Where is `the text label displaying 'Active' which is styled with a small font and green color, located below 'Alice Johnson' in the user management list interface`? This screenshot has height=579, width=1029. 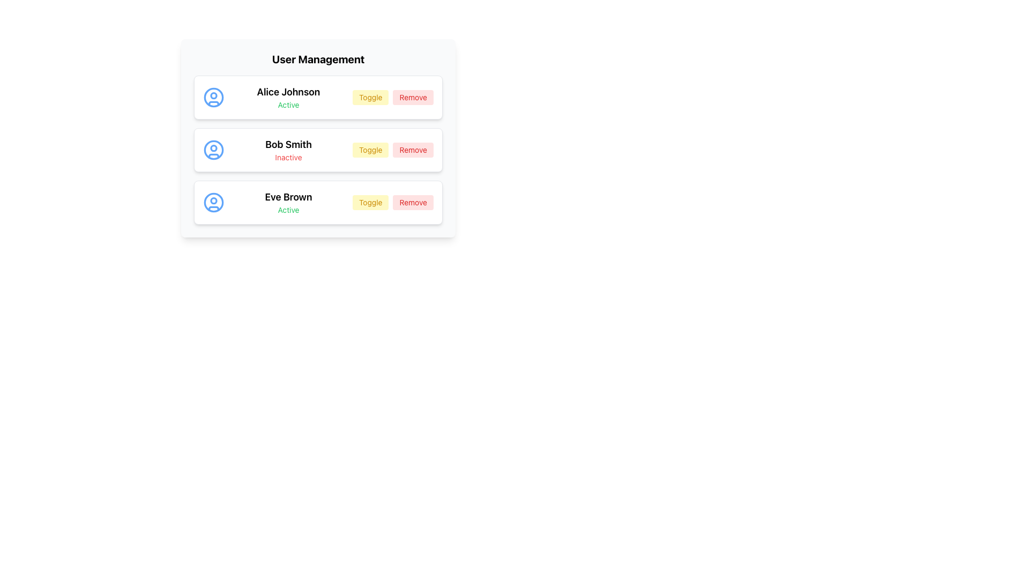 the text label displaying 'Active' which is styled with a small font and green color, located below 'Alice Johnson' in the user management list interface is located at coordinates (288, 105).